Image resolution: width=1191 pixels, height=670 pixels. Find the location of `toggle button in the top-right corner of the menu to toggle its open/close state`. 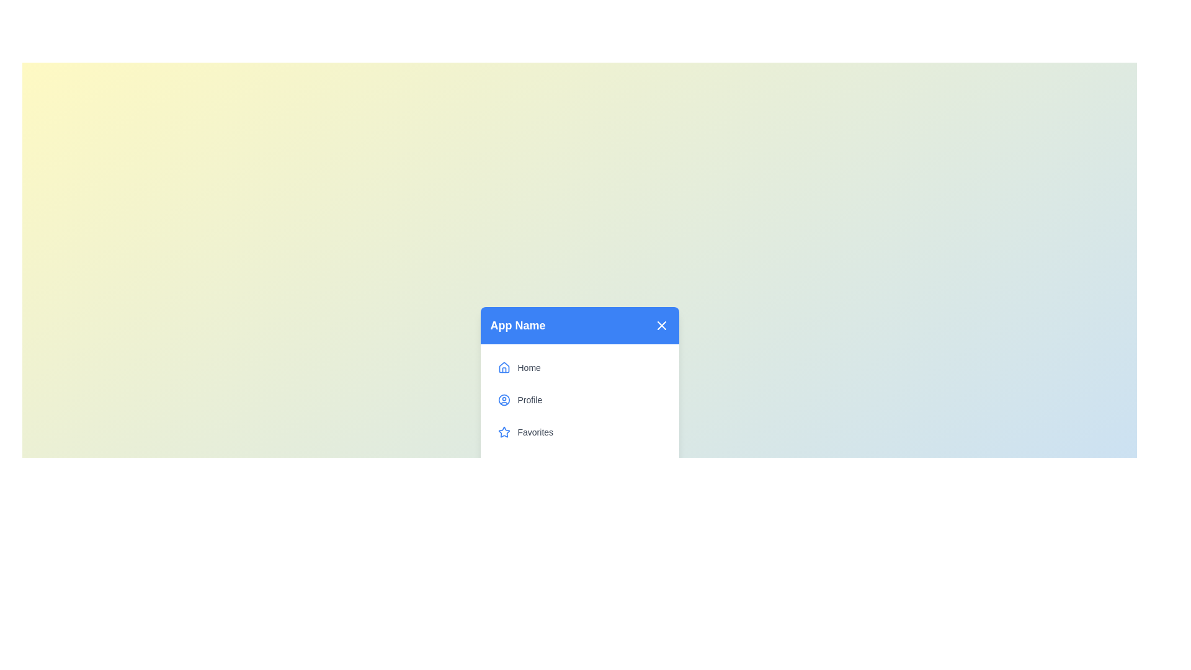

toggle button in the top-right corner of the menu to toggle its open/close state is located at coordinates (661, 324).